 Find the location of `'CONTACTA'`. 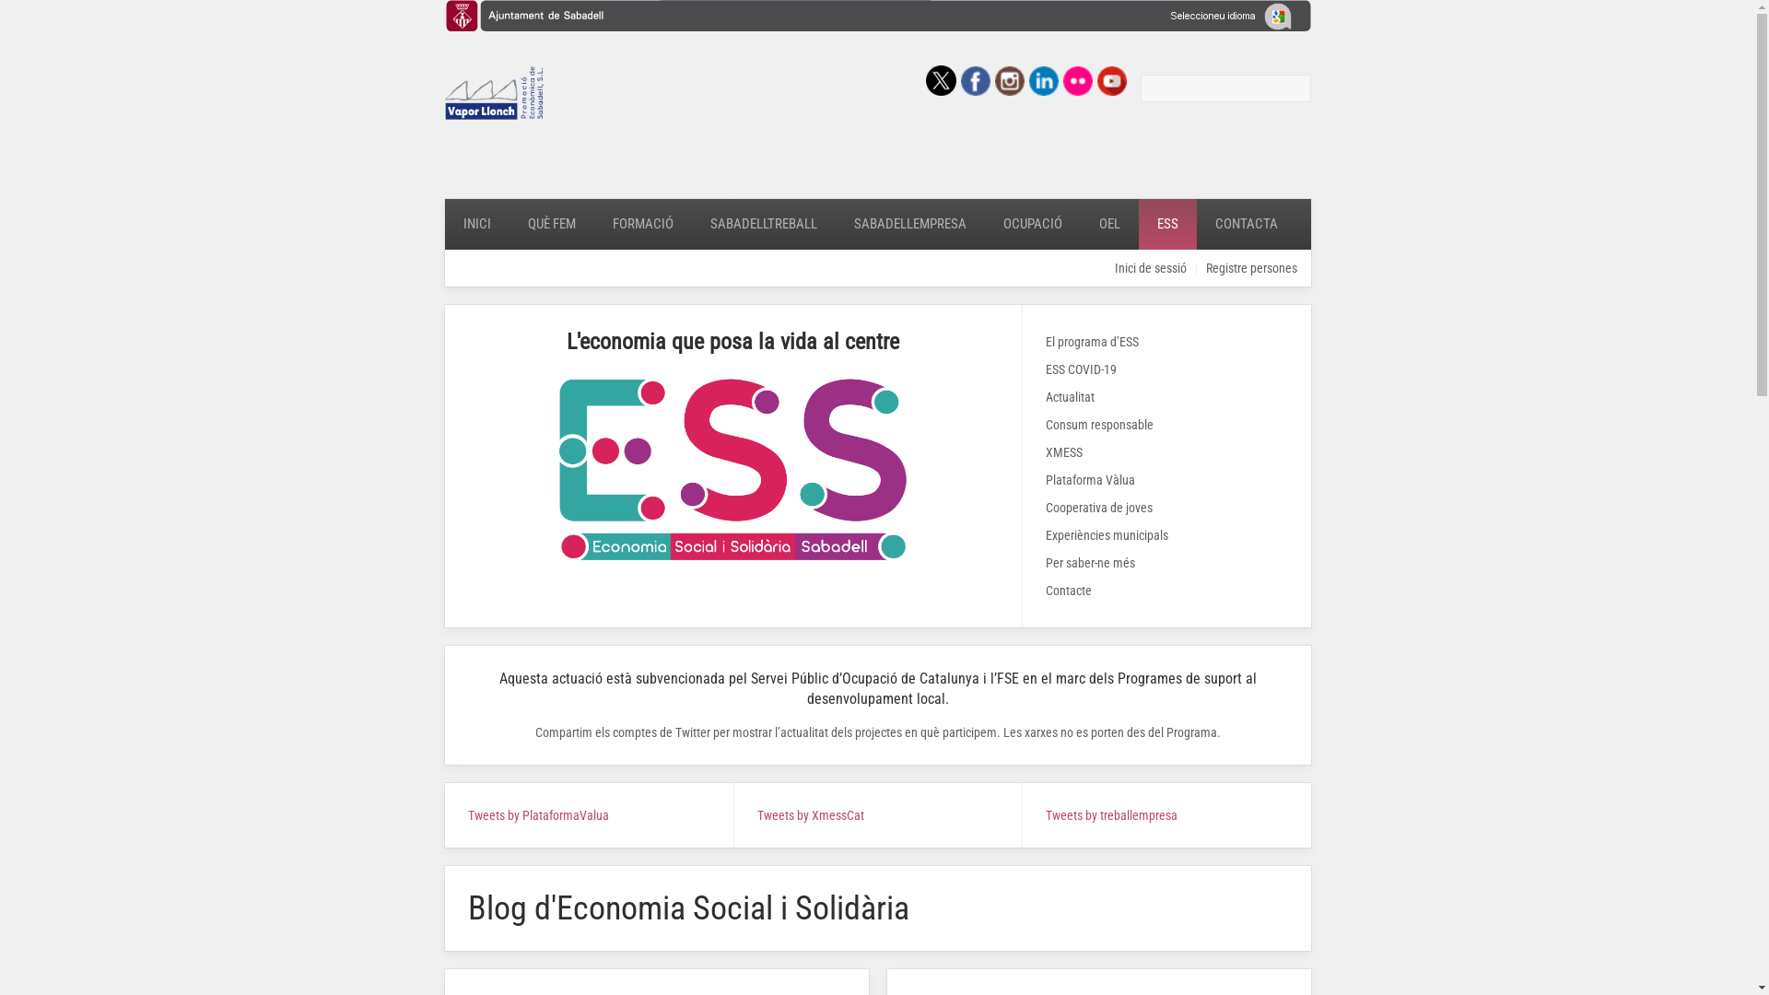

'CONTACTA' is located at coordinates (1195, 223).